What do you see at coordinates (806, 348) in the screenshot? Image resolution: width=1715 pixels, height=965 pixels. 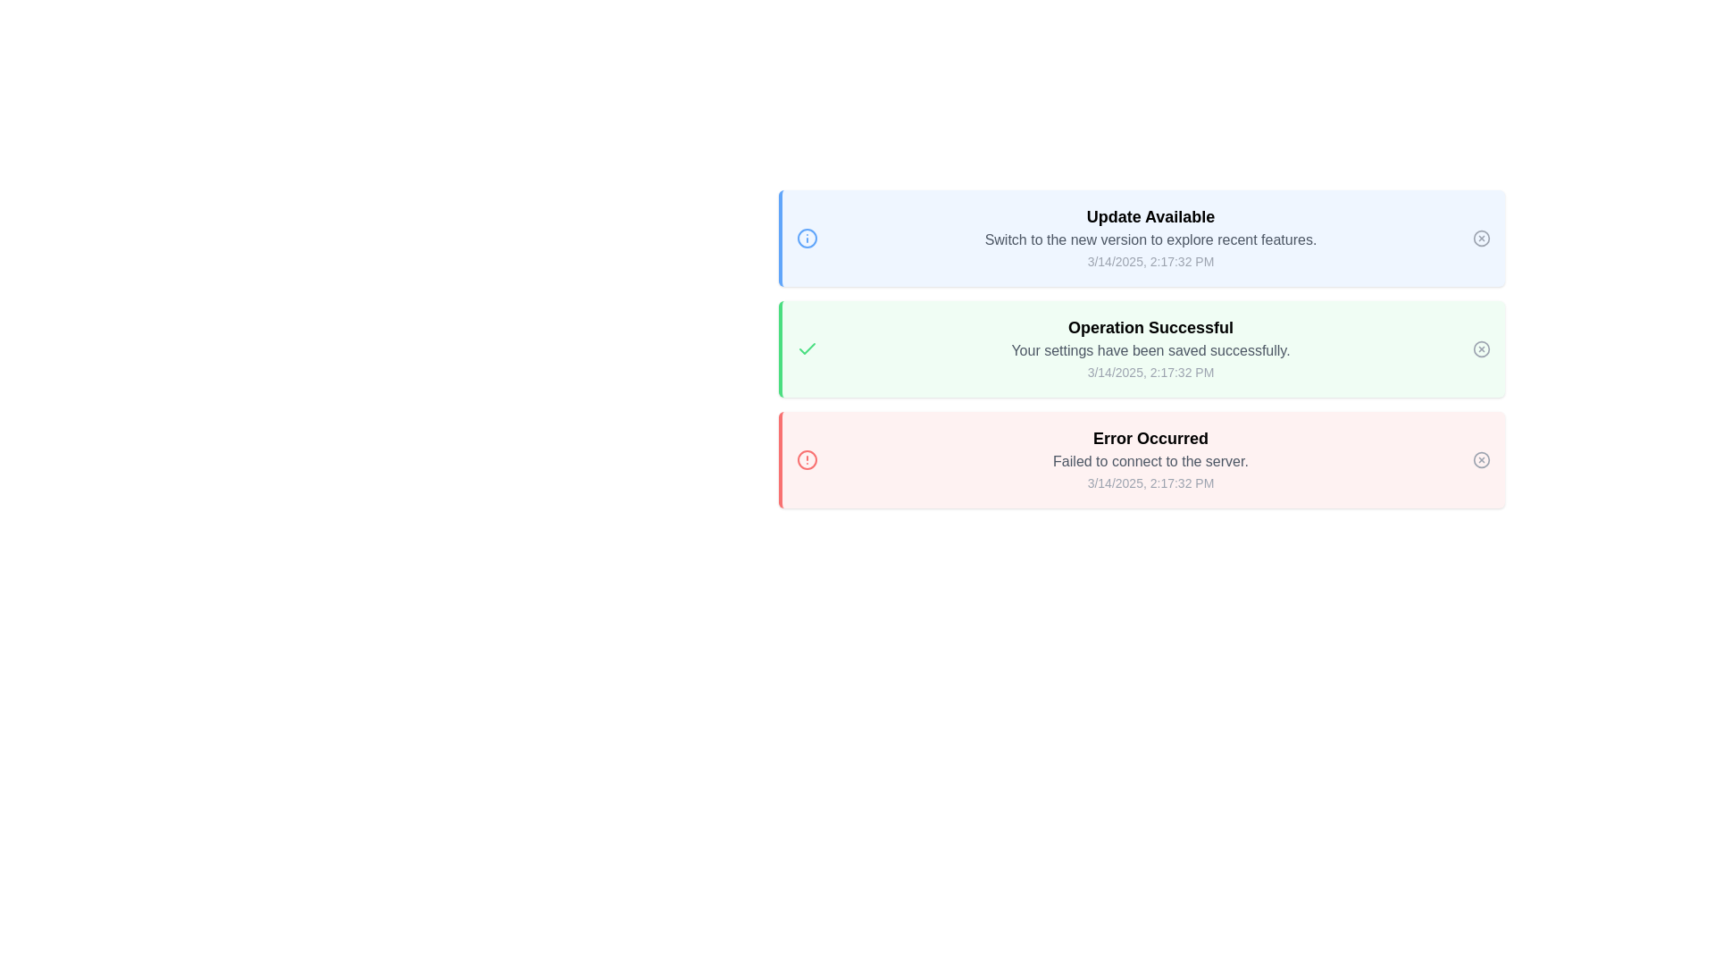 I see `the green checkmark icon in the 'Operation Successful' notification box that indicates a successful operation` at bounding box center [806, 348].